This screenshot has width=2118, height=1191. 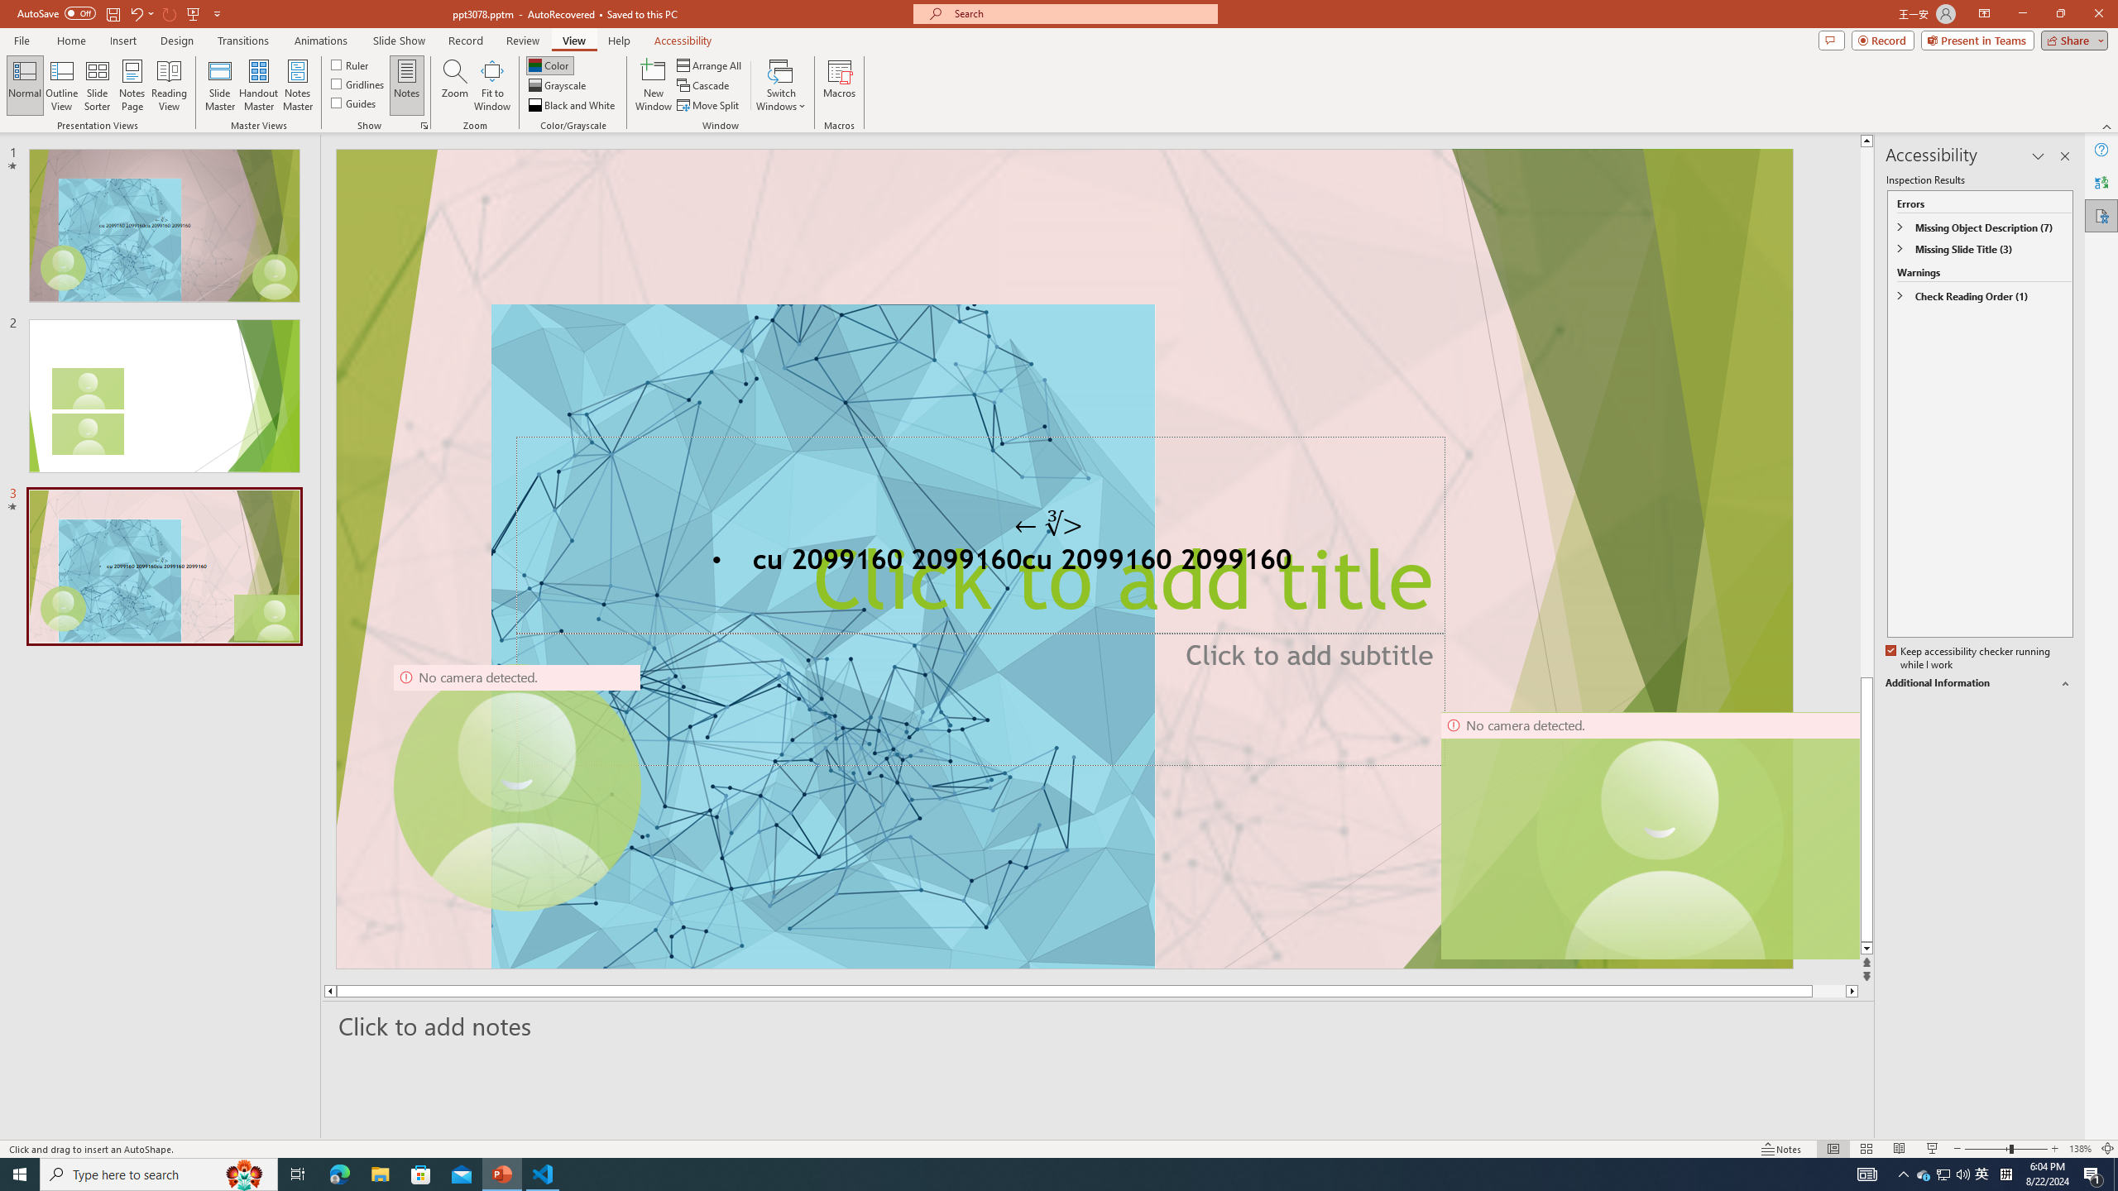 I want to click on 'New Window', so click(x=652, y=85).